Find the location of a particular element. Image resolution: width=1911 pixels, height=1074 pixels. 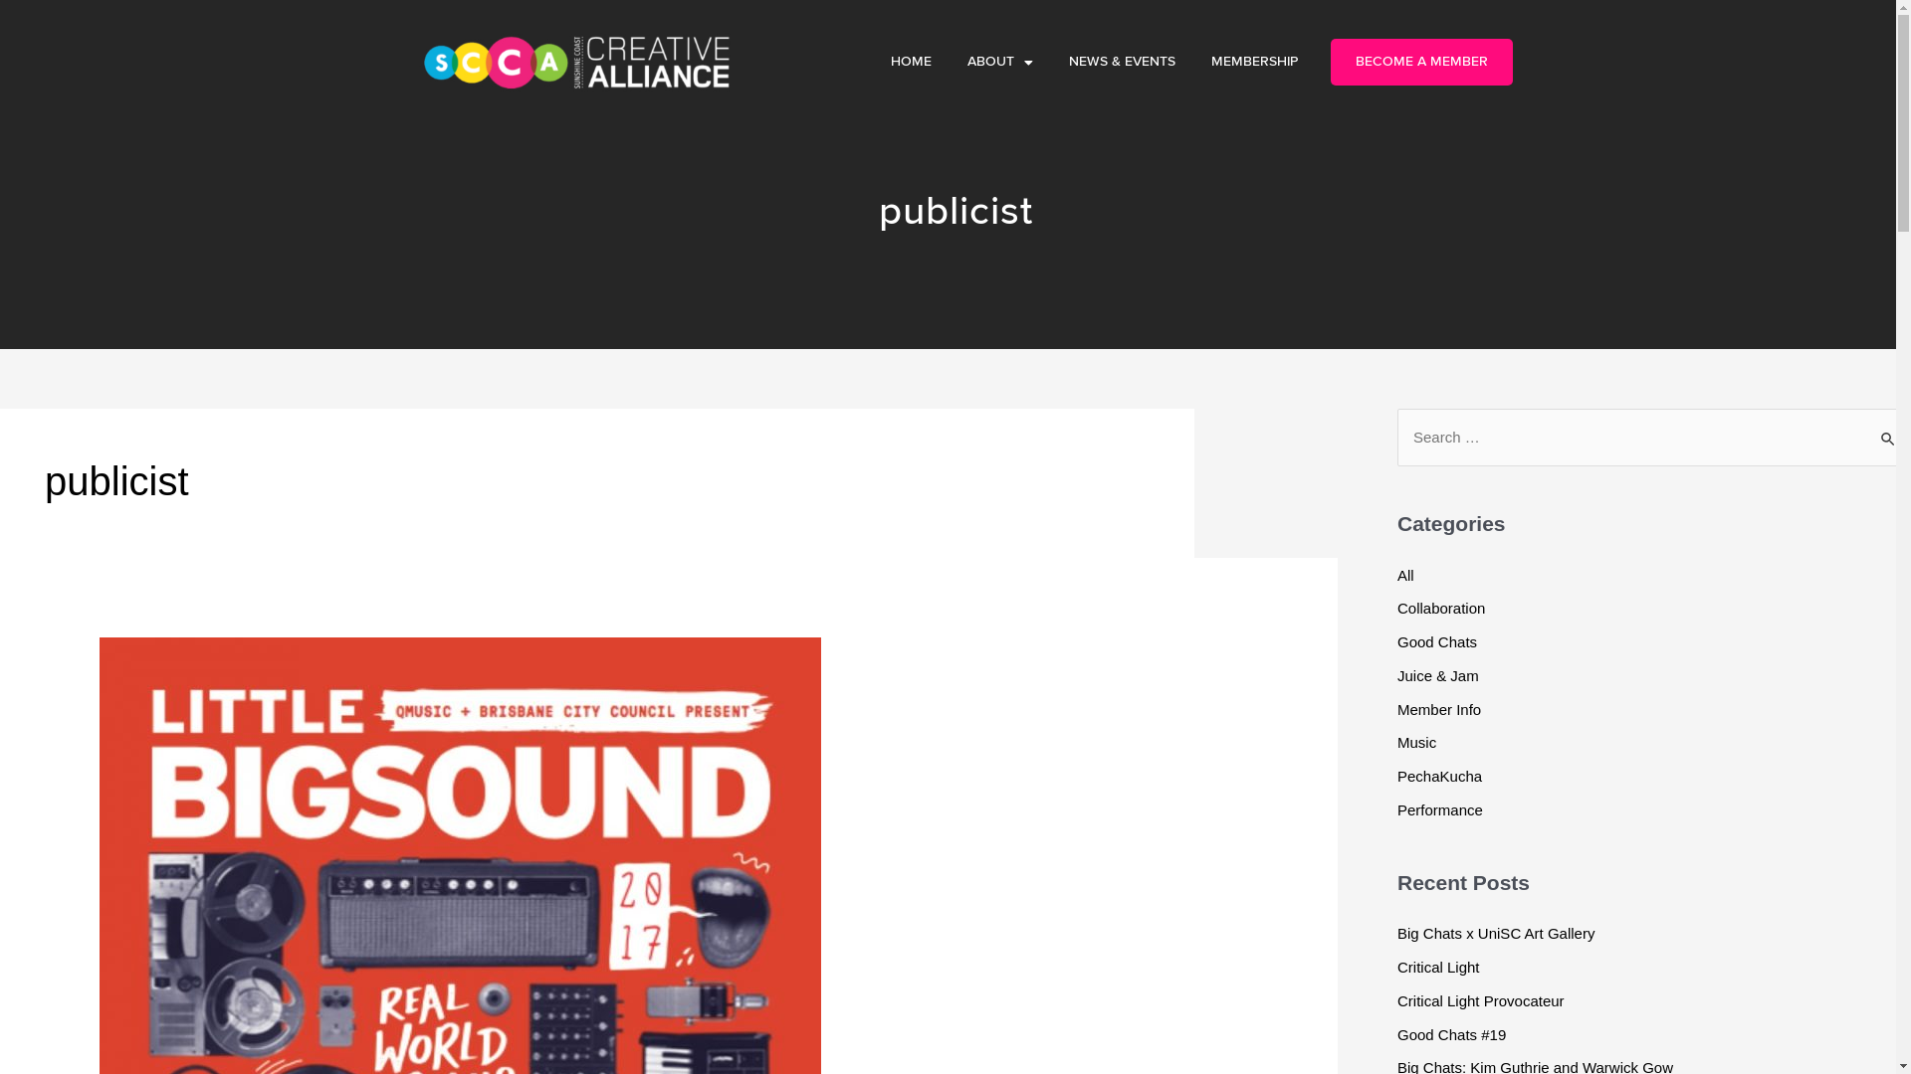

'Good Chats #19' is located at coordinates (1451, 1033).